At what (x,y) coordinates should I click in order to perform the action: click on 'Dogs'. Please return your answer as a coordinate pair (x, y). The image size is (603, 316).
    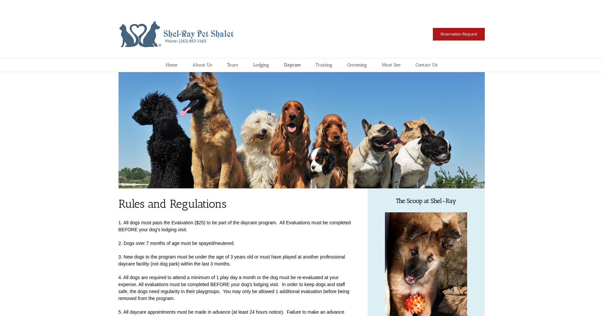
    Looking at the image, I should click on (257, 88).